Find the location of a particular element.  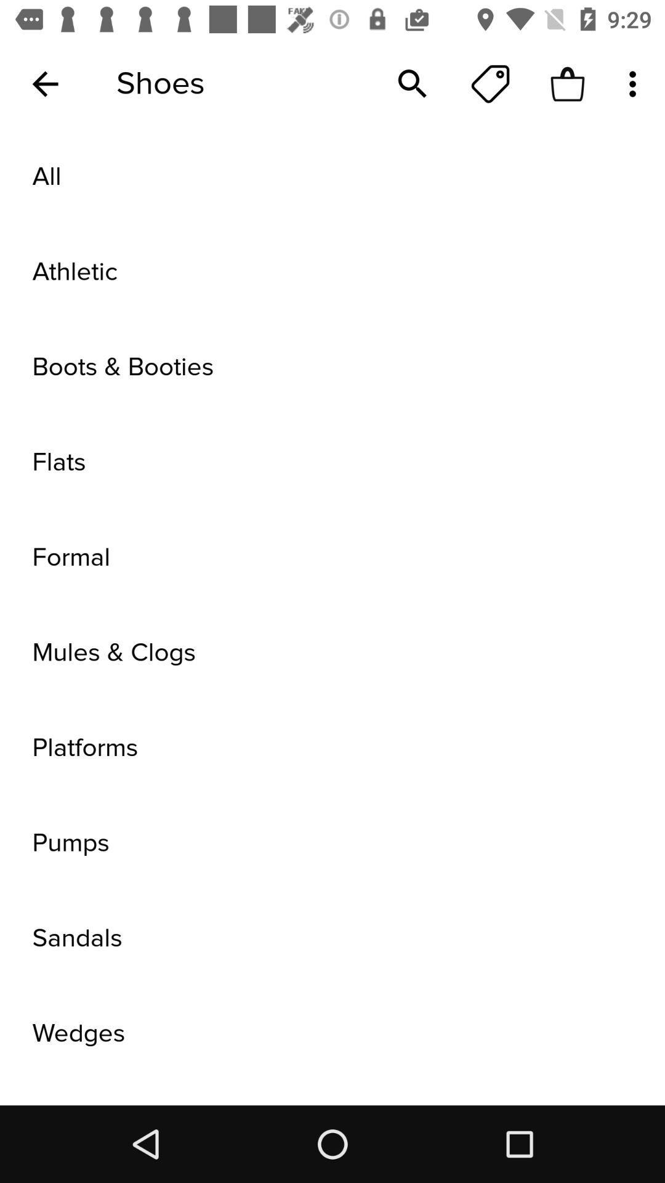

the wedges is located at coordinates (332, 1033).